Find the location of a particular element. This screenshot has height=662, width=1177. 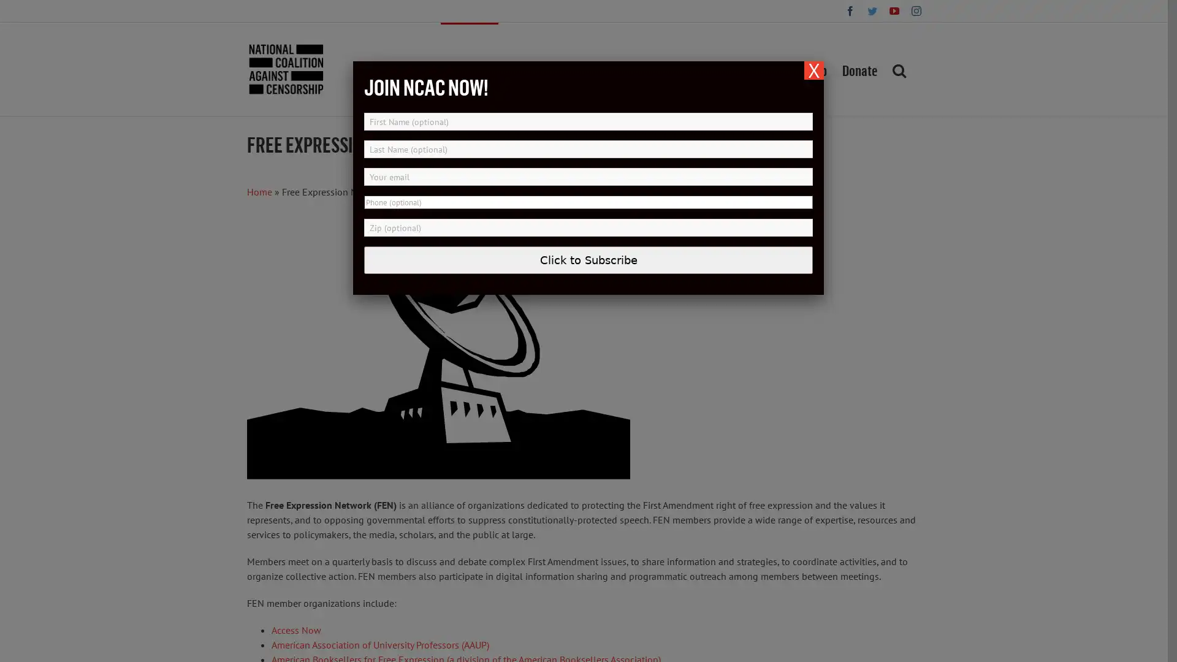

Search is located at coordinates (898, 69).